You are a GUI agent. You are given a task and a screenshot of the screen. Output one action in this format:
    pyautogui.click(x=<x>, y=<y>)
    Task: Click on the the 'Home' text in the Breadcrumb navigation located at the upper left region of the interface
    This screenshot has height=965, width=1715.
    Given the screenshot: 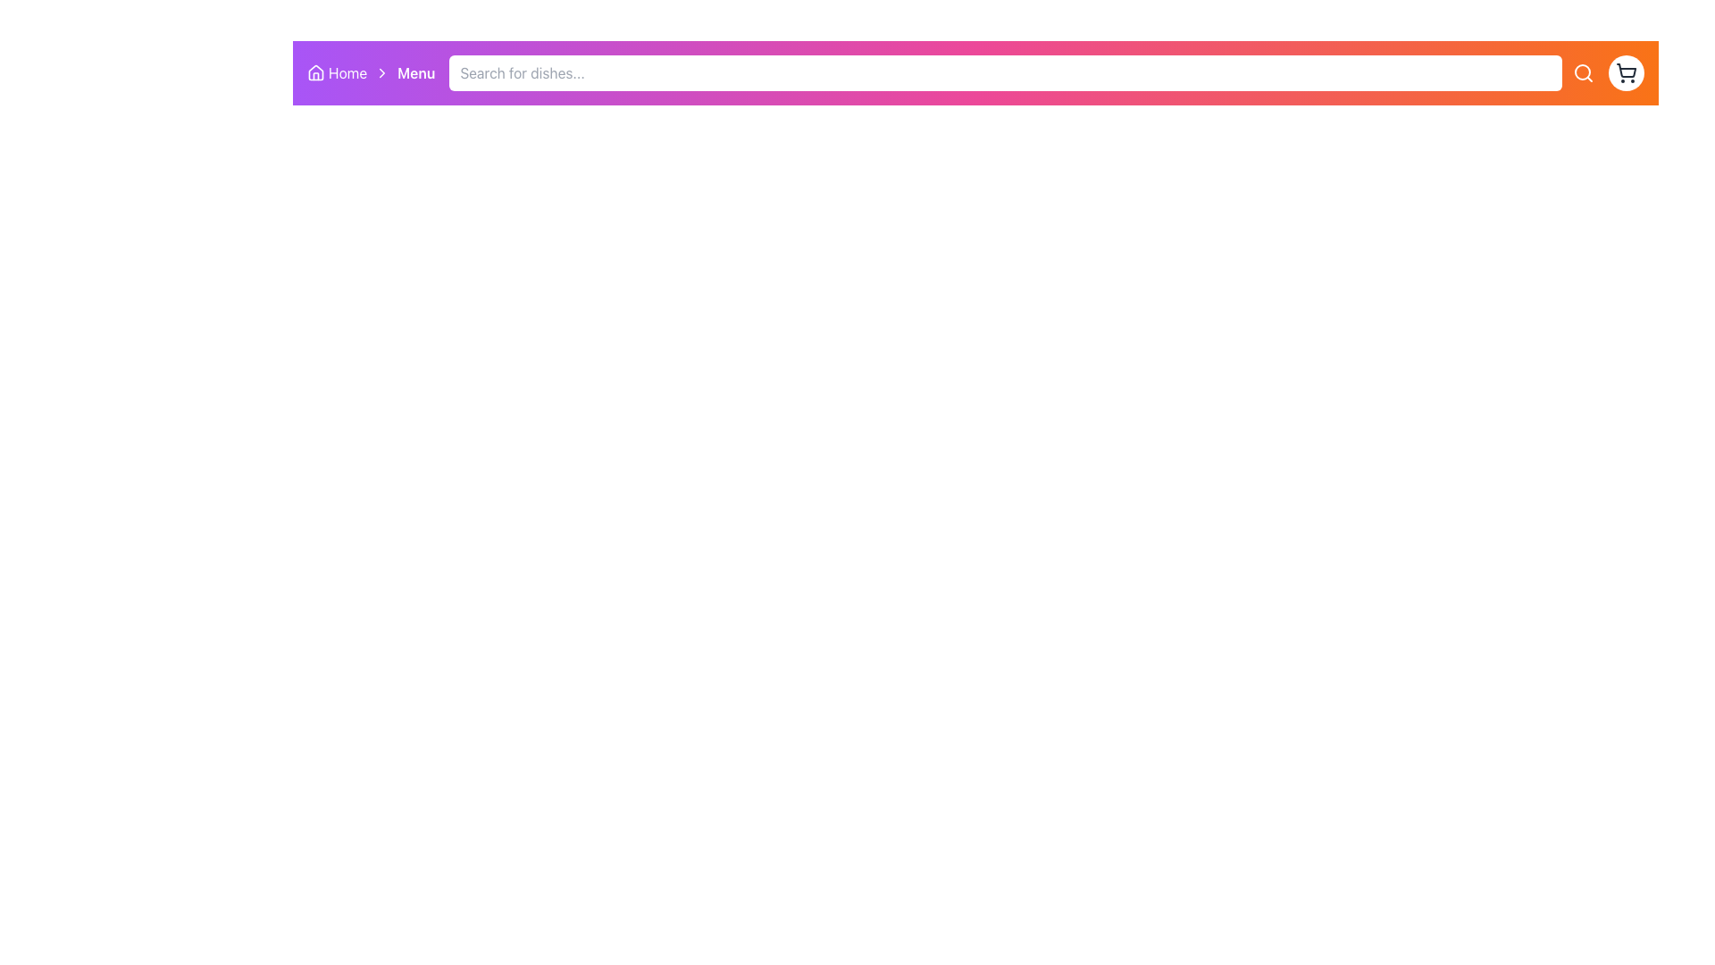 What is the action you would take?
    pyautogui.click(x=370, y=71)
    